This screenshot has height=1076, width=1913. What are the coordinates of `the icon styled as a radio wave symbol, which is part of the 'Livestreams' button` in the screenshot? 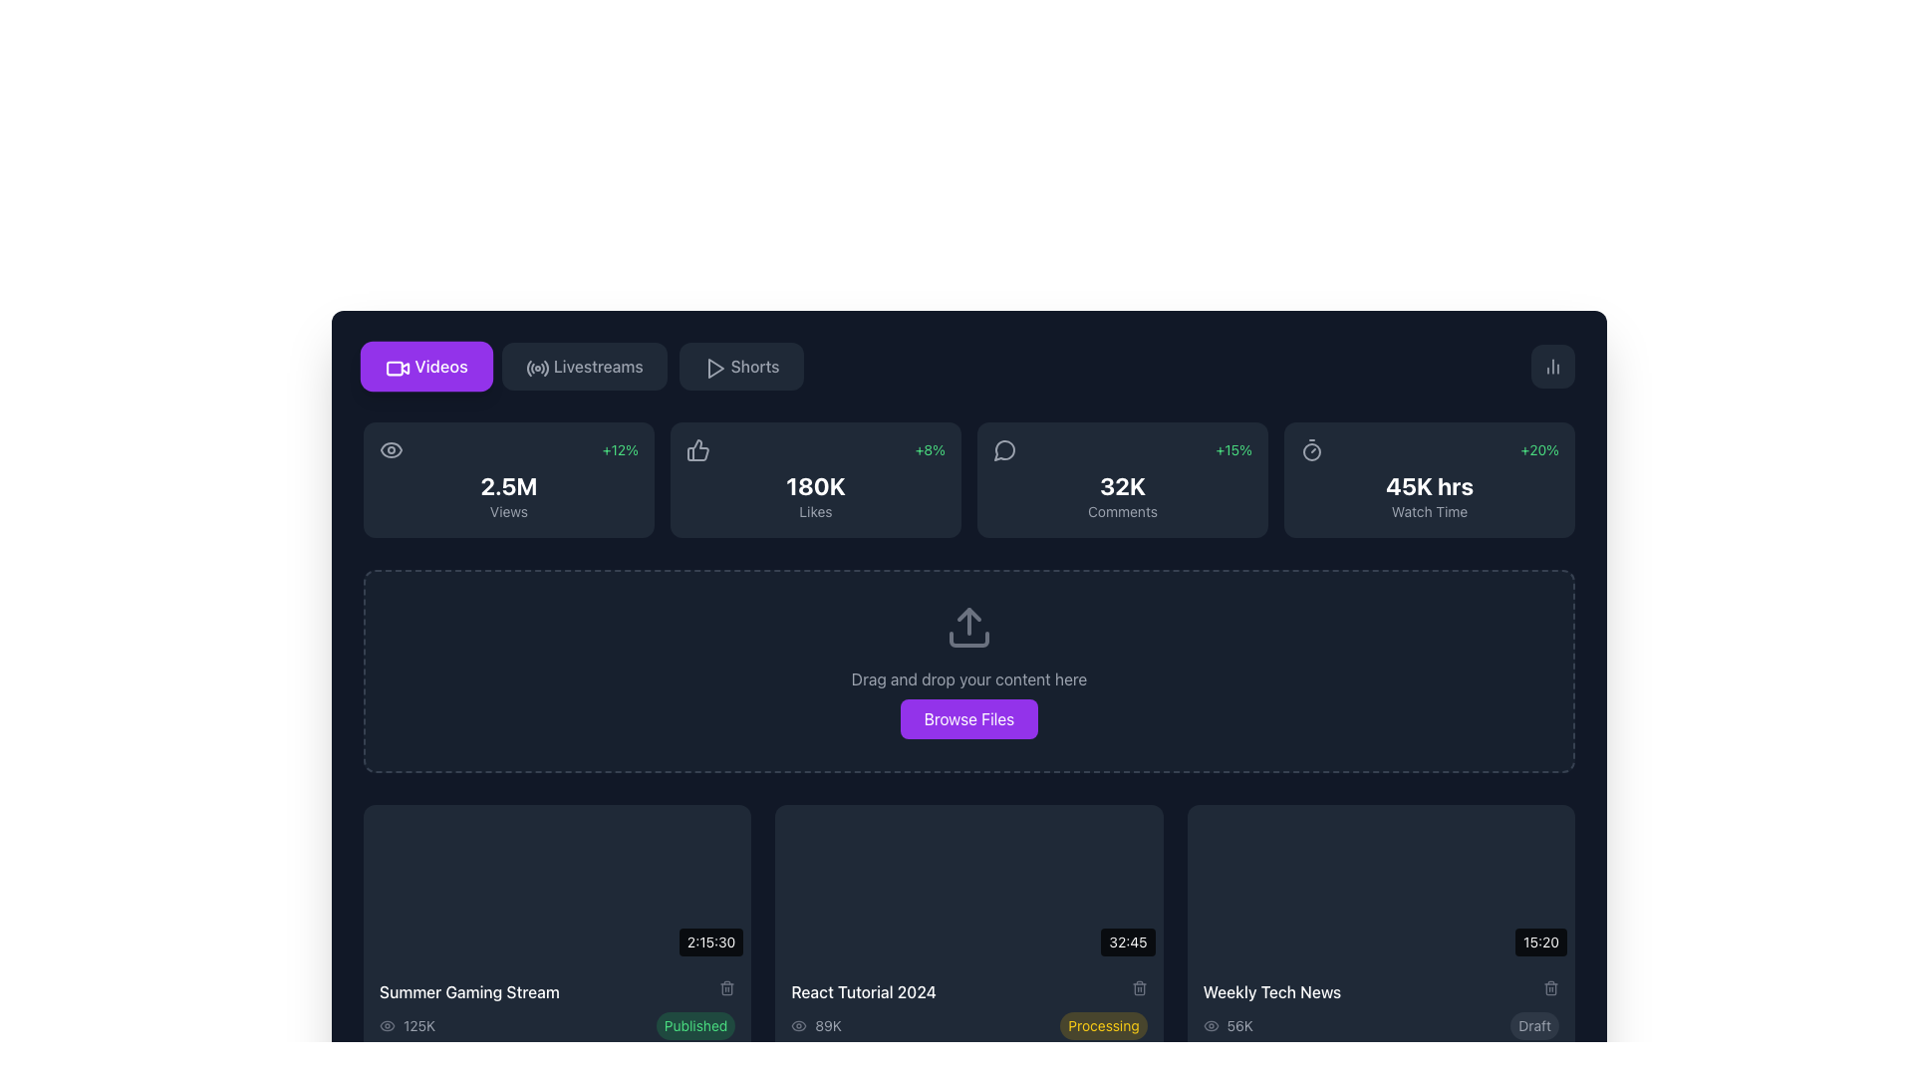 It's located at (535, 366).